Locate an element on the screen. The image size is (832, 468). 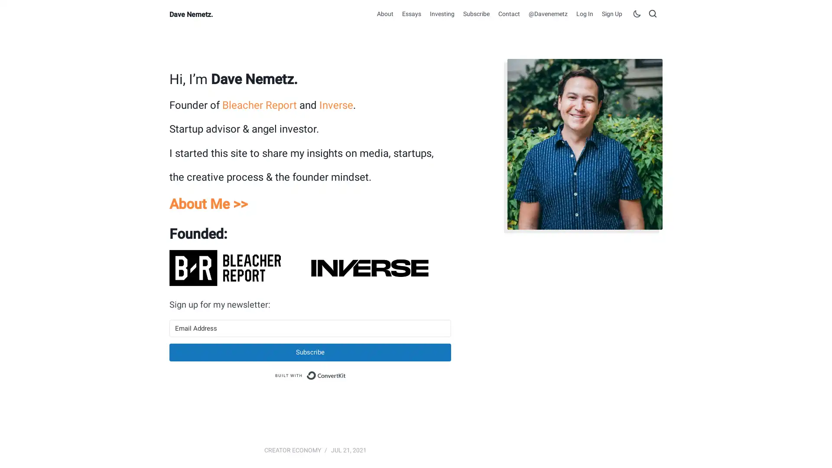
Subscribe is located at coordinates (310, 352).